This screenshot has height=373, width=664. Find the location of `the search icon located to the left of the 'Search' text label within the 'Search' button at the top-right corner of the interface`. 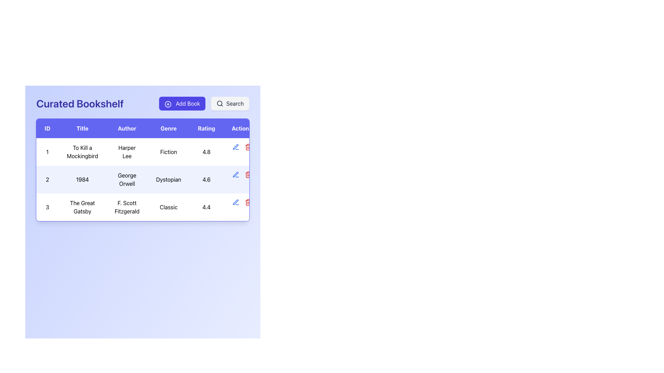

the search icon located to the left of the 'Search' text label within the 'Search' button at the top-right corner of the interface is located at coordinates (220, 104).